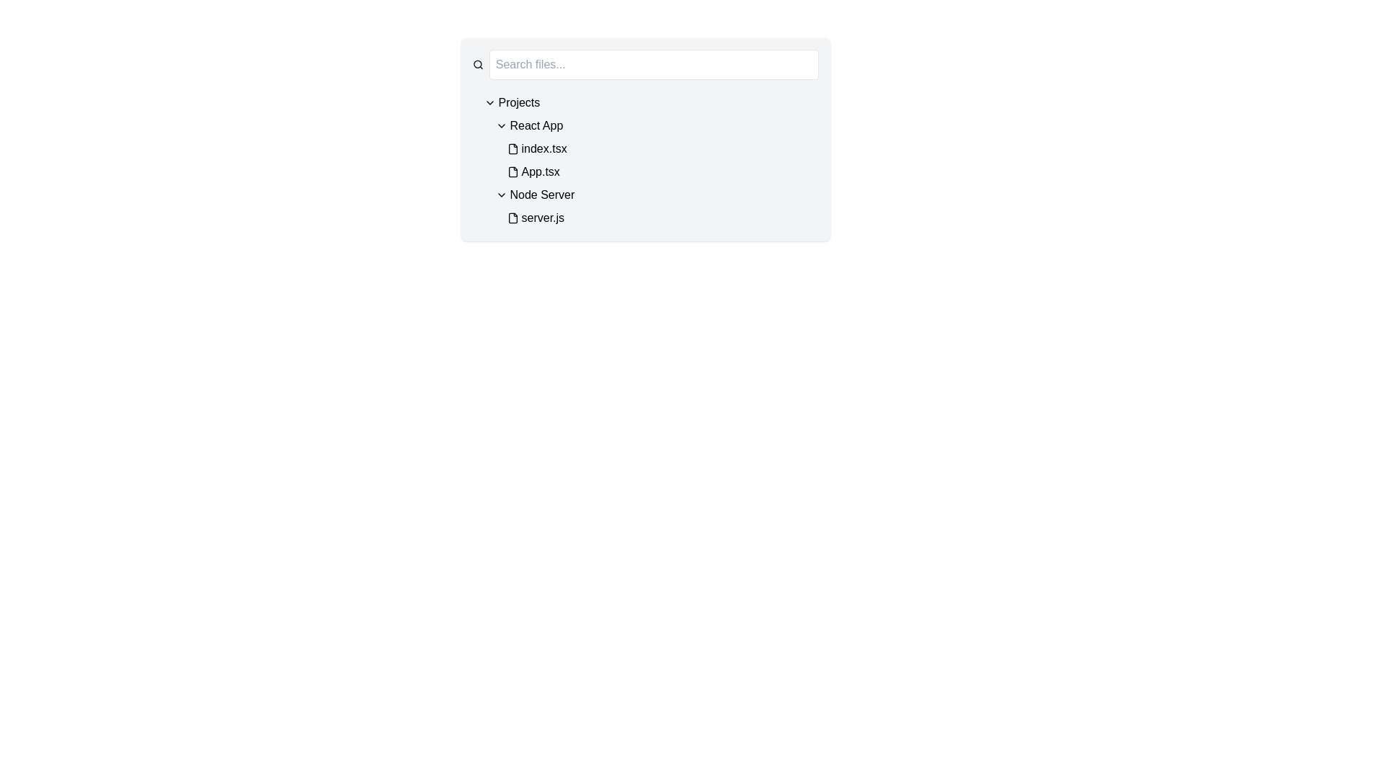 This screenshot has width=1384, height=778. What do you see at coordinates (501, 194) in the screenshot?
I see `the toggle icon located to the left of the 'Node Server' text` at bounding box center [501, 194].